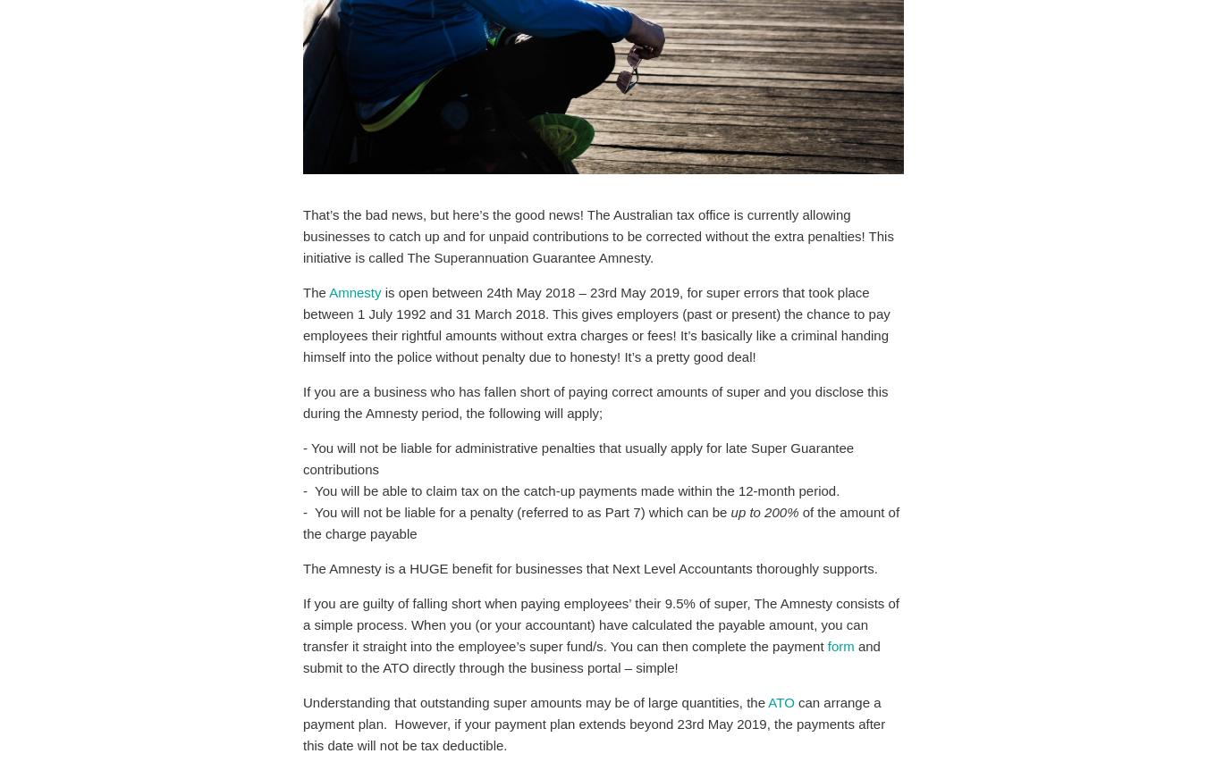 Image resolution: width=1207 pixels, height=762 pixels. Describe the element at coordinates (594, 656) in the screenshot. I see `'and submit to the ATO directly through the business portal – simple!'` at that location.